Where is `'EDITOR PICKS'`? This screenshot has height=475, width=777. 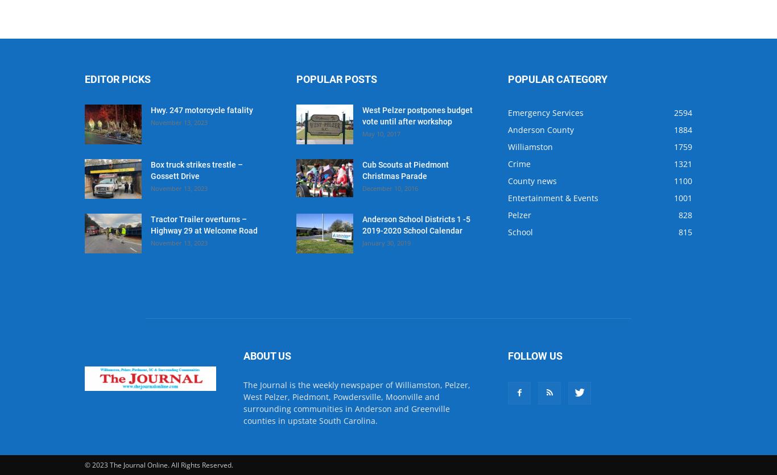
'EDITOR PICKS' is located at coordinates (84, 78).